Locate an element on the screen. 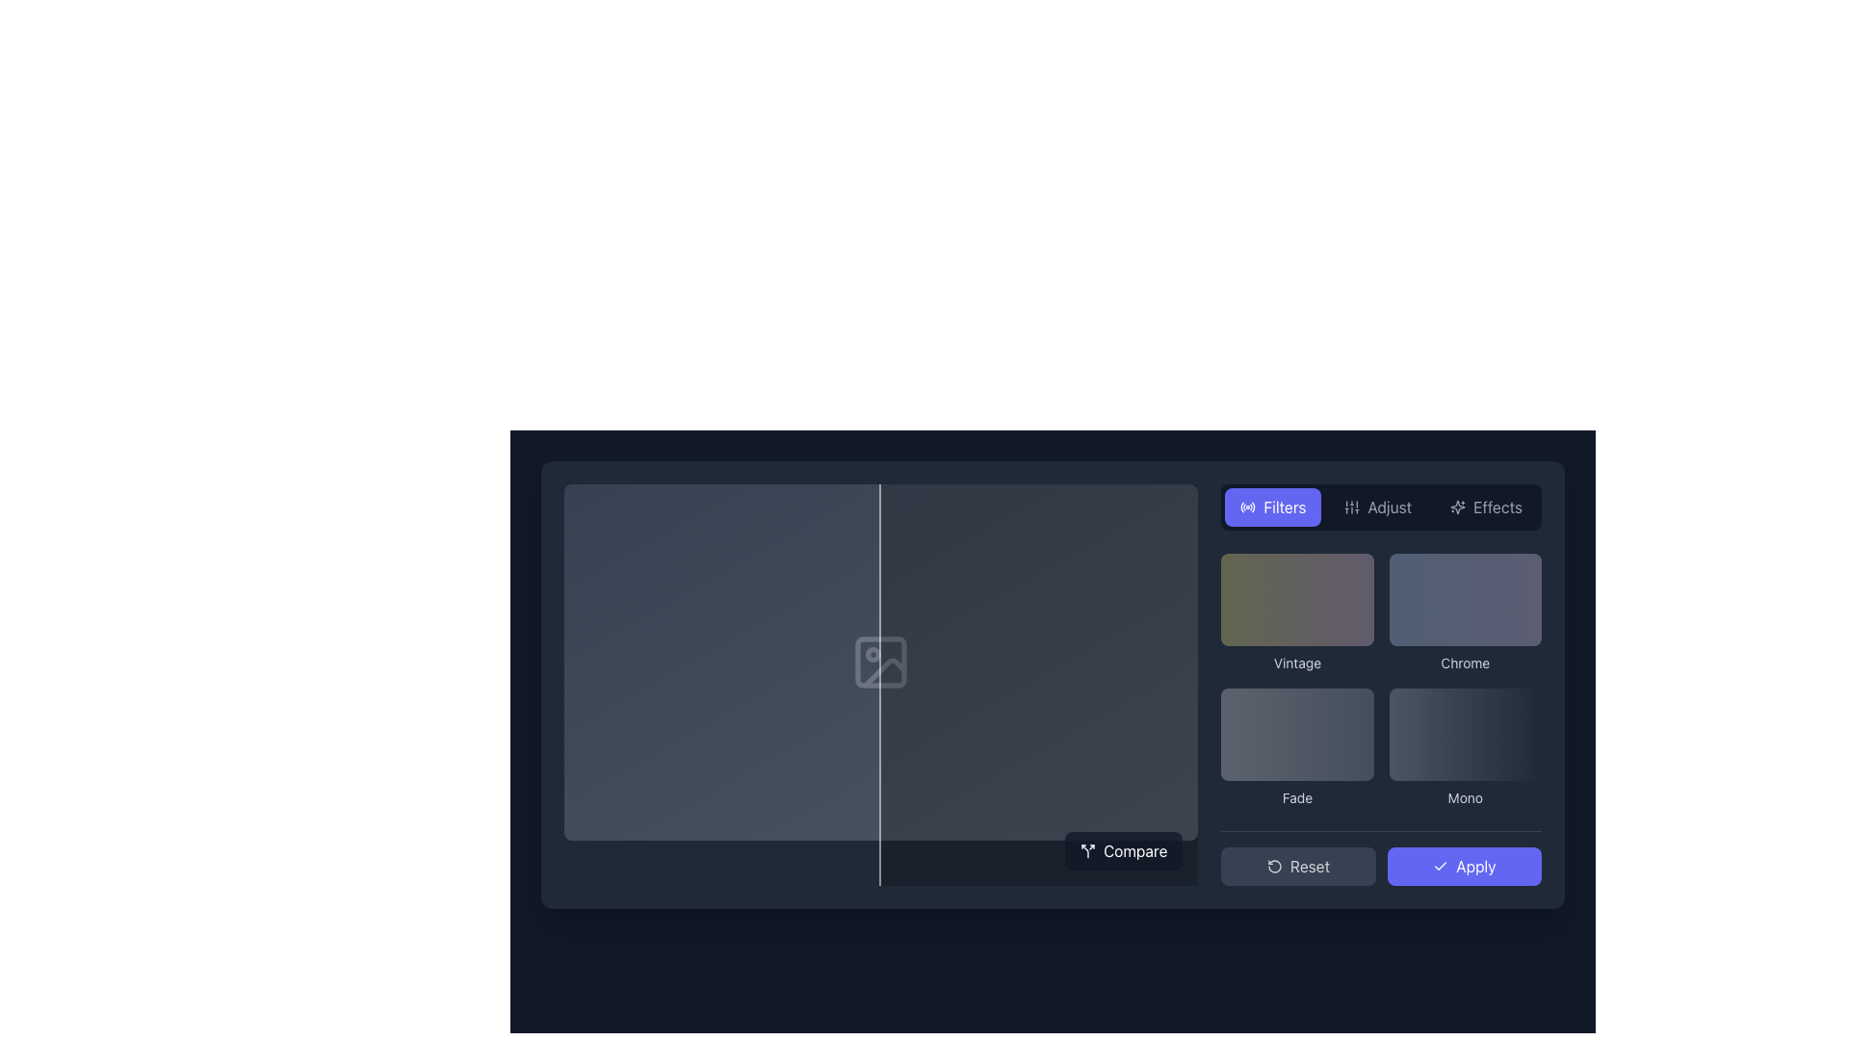 The image size is (1849, 1040). the SVG icon of a counterclockwise arrow within the 'Reset' button located in the bottom-right corner of the interface is located at coordinates (1275, 865).